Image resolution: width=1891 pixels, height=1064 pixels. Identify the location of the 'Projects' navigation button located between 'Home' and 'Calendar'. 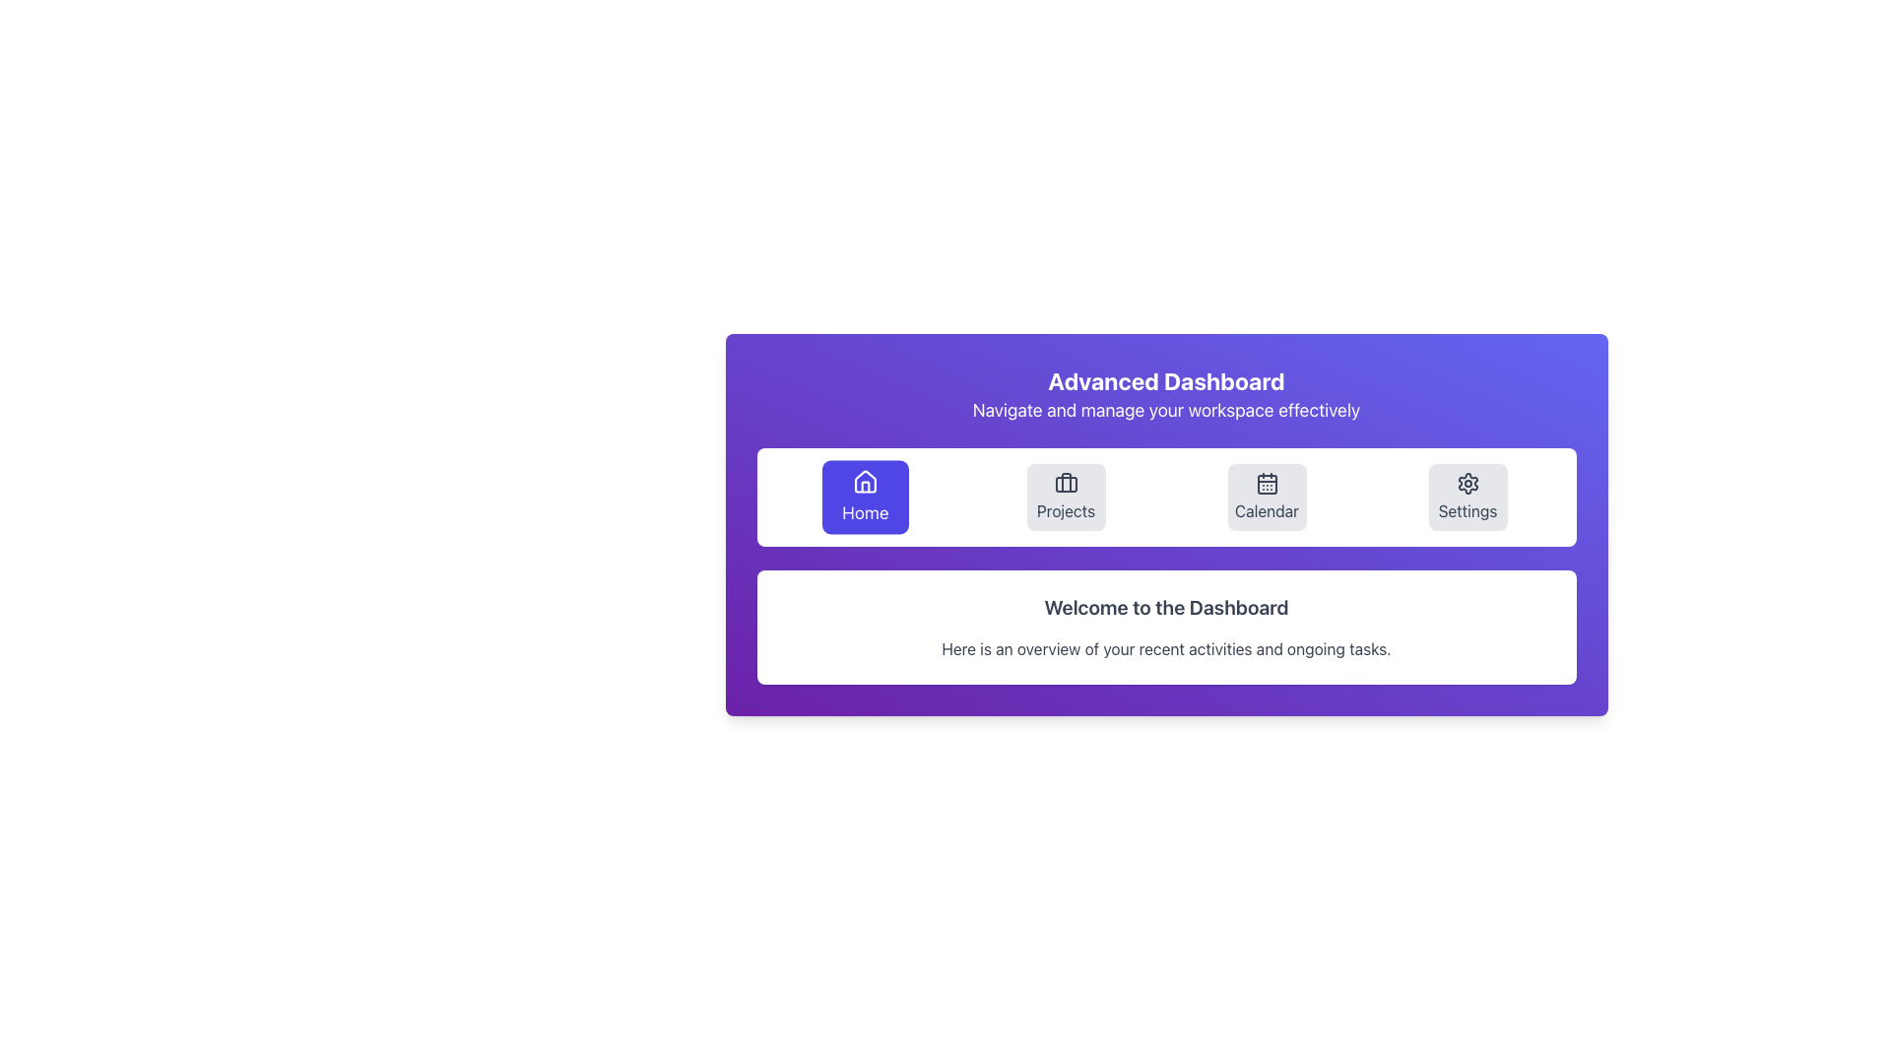
(1065, 497).